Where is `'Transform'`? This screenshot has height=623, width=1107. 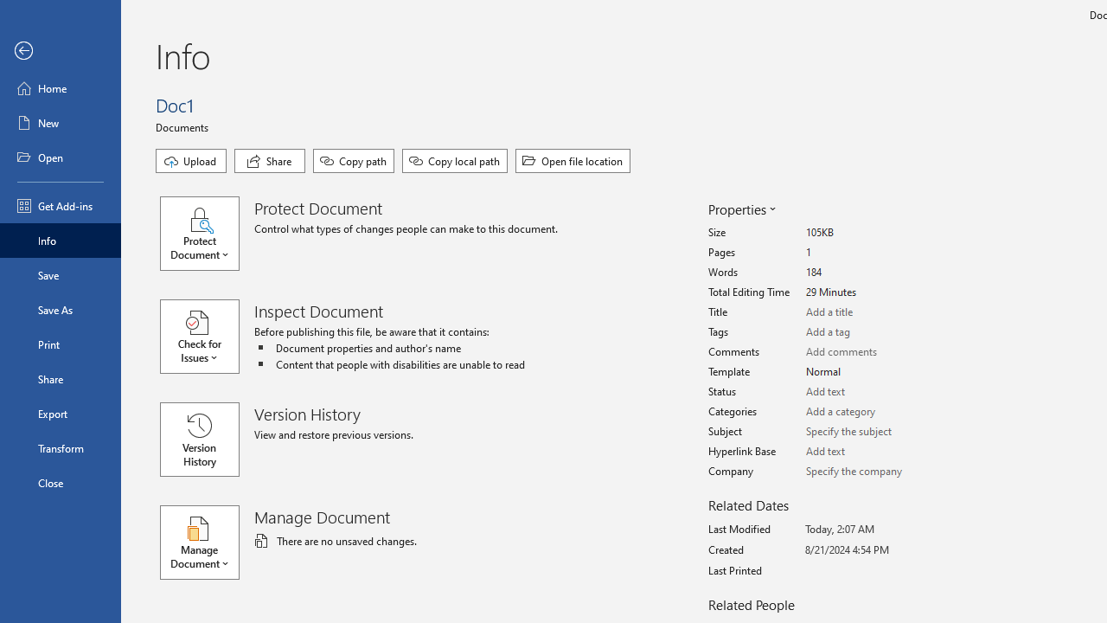
'Transform' is located at coordinates (60, 447).